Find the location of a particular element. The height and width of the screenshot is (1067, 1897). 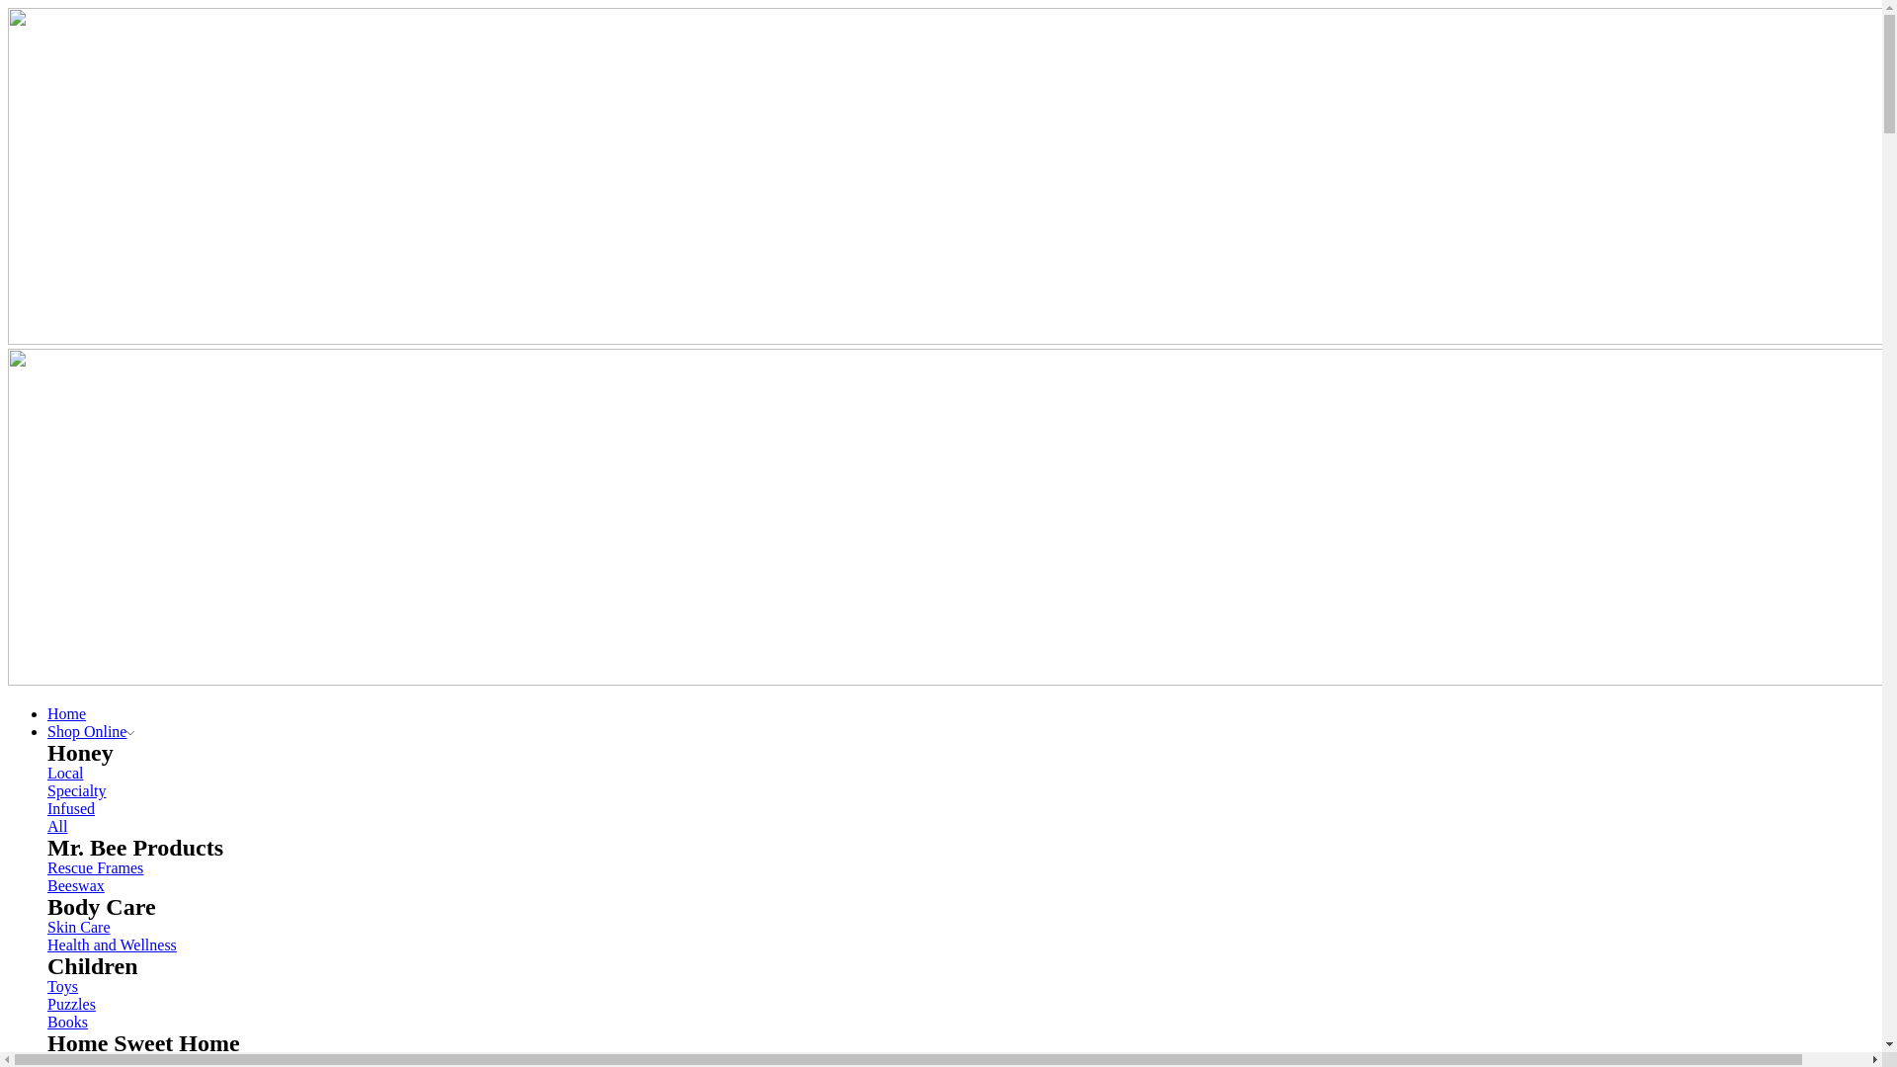

'Local' is located at coordinates (65, 772).